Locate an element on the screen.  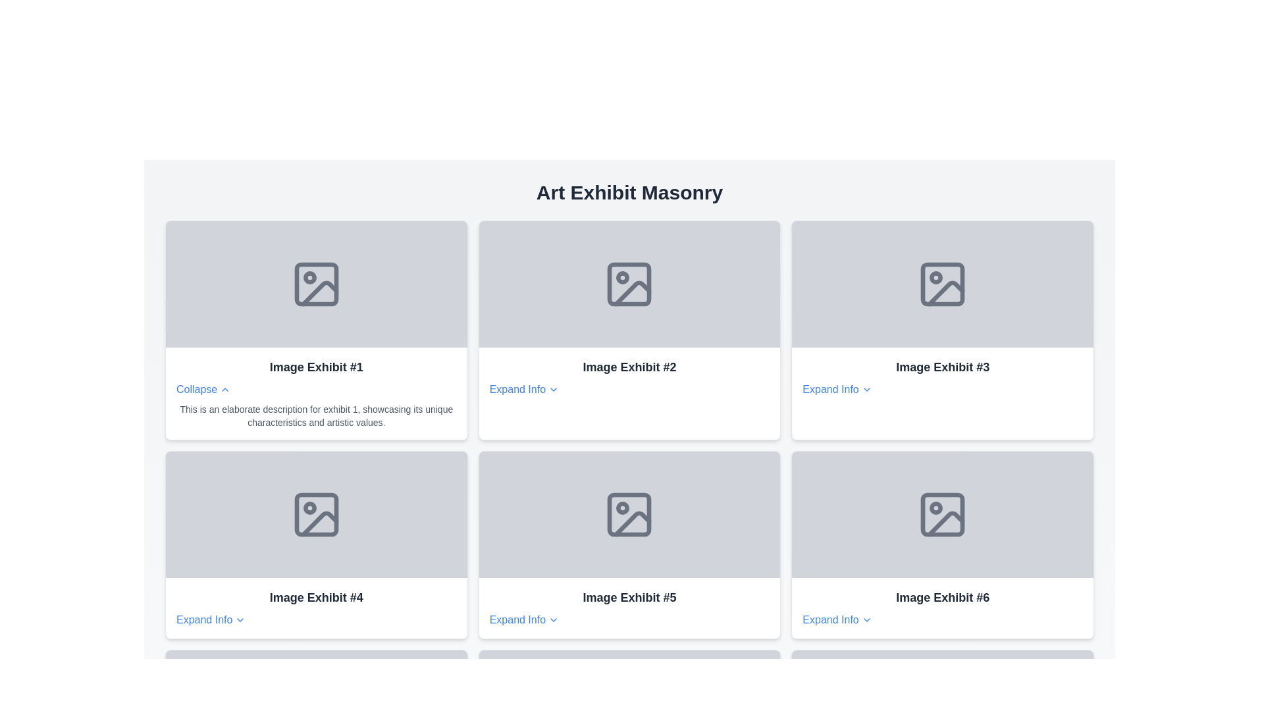
the 'Expand Info' clickable text, which is styled with a blue font color and has a downward arrow icon, located beneath the title 'Image Exhibit #4' is located at coordinates (211, 619).